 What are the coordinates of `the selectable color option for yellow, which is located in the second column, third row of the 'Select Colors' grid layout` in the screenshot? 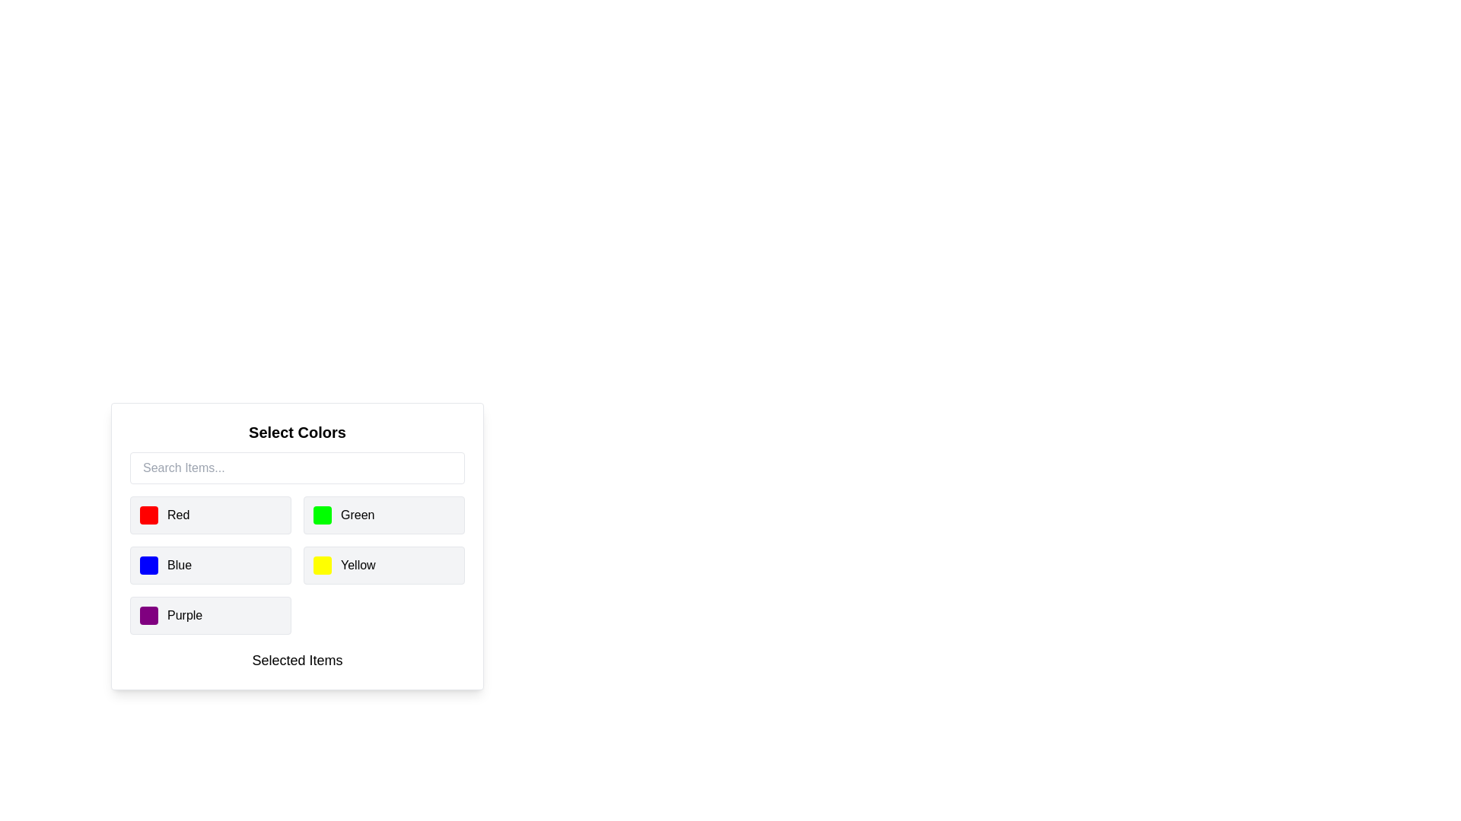 It's located at (384, 566).